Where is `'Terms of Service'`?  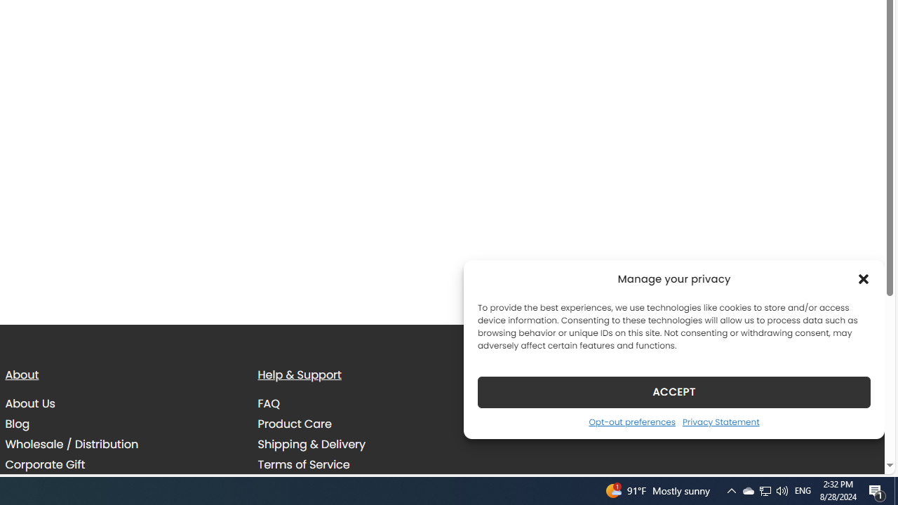
'Terms of Service' is located at coordinates (303, 464).